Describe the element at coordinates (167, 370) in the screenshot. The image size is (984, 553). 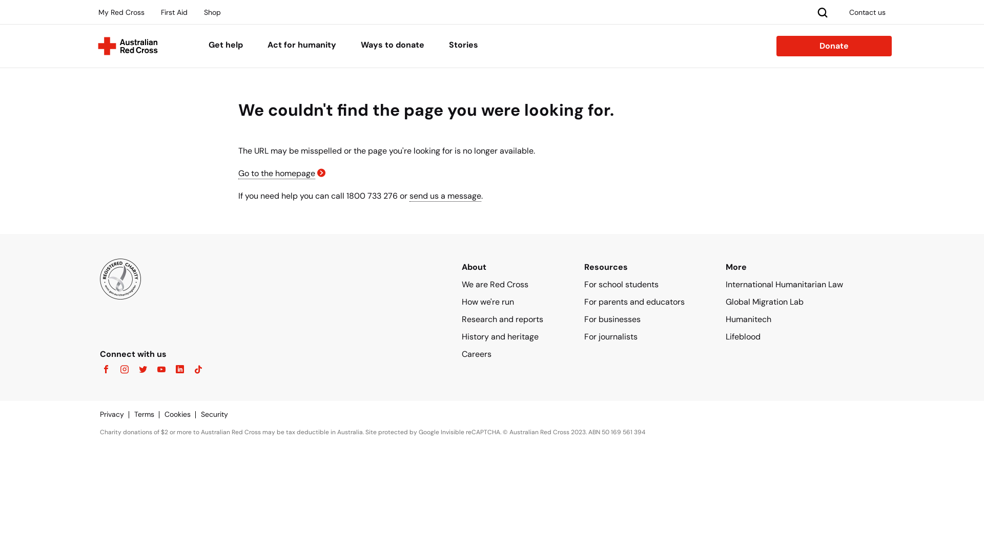
I see `'linkedin'` at that location.